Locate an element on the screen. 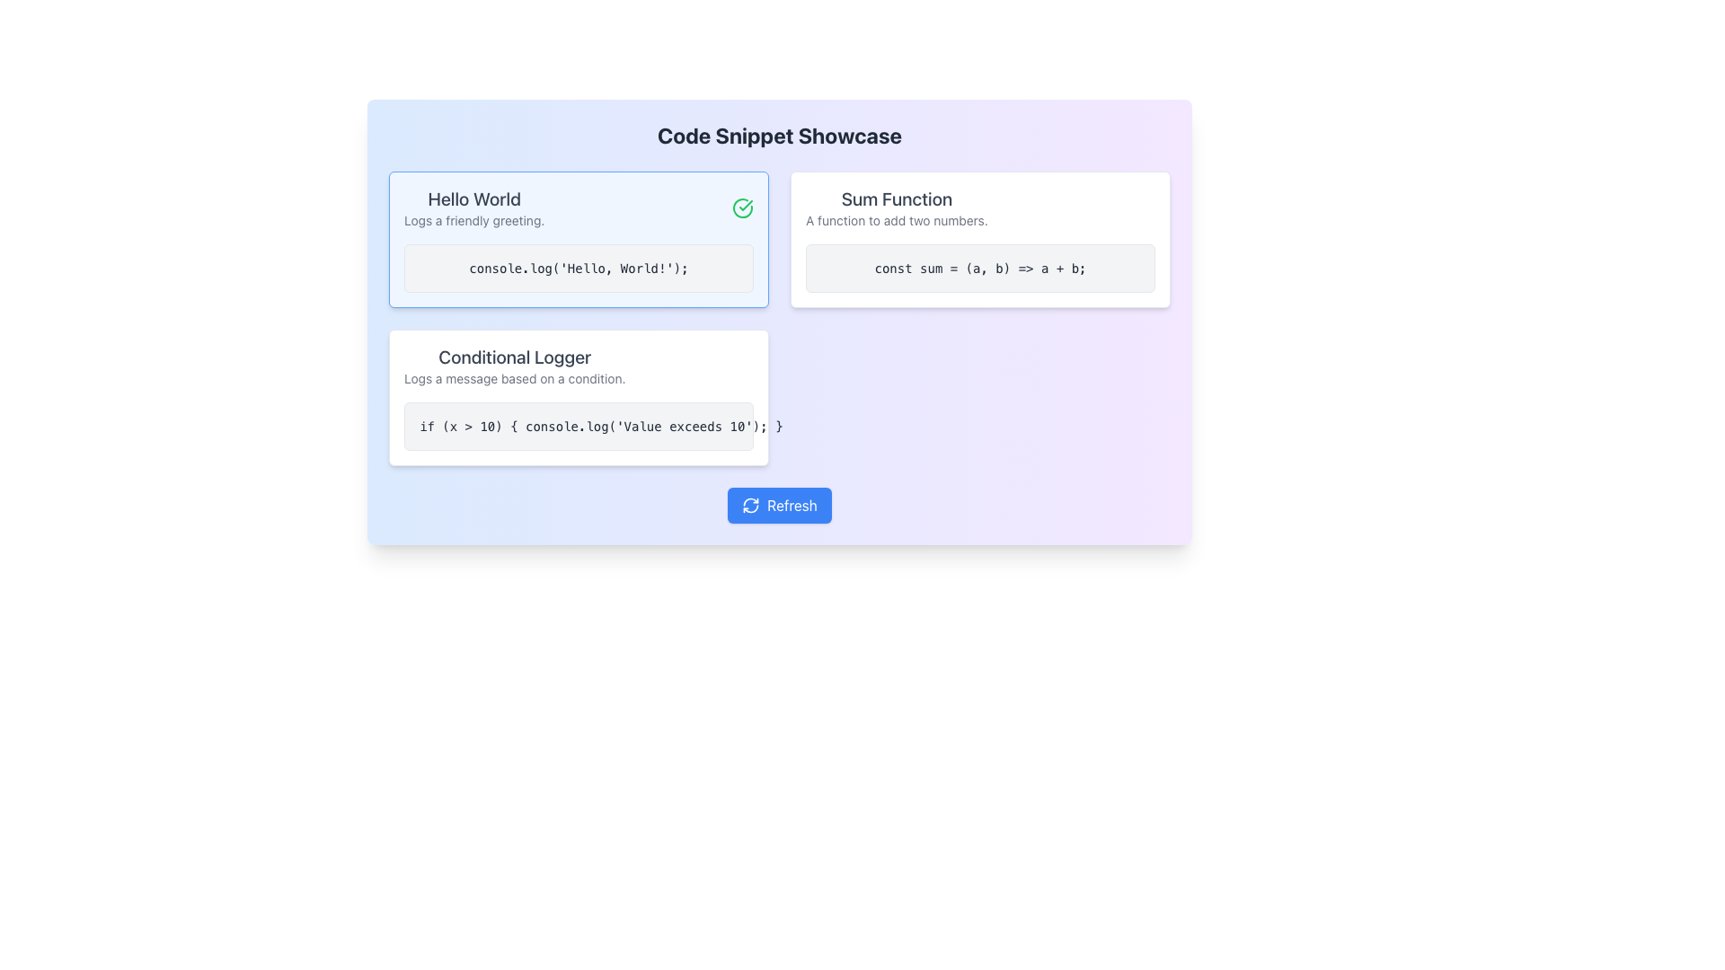 This screenshot has width=1725, height=970. the validation icon located at the top-right corner of the 'Hello World' panel is located at coordinates (742, 207).